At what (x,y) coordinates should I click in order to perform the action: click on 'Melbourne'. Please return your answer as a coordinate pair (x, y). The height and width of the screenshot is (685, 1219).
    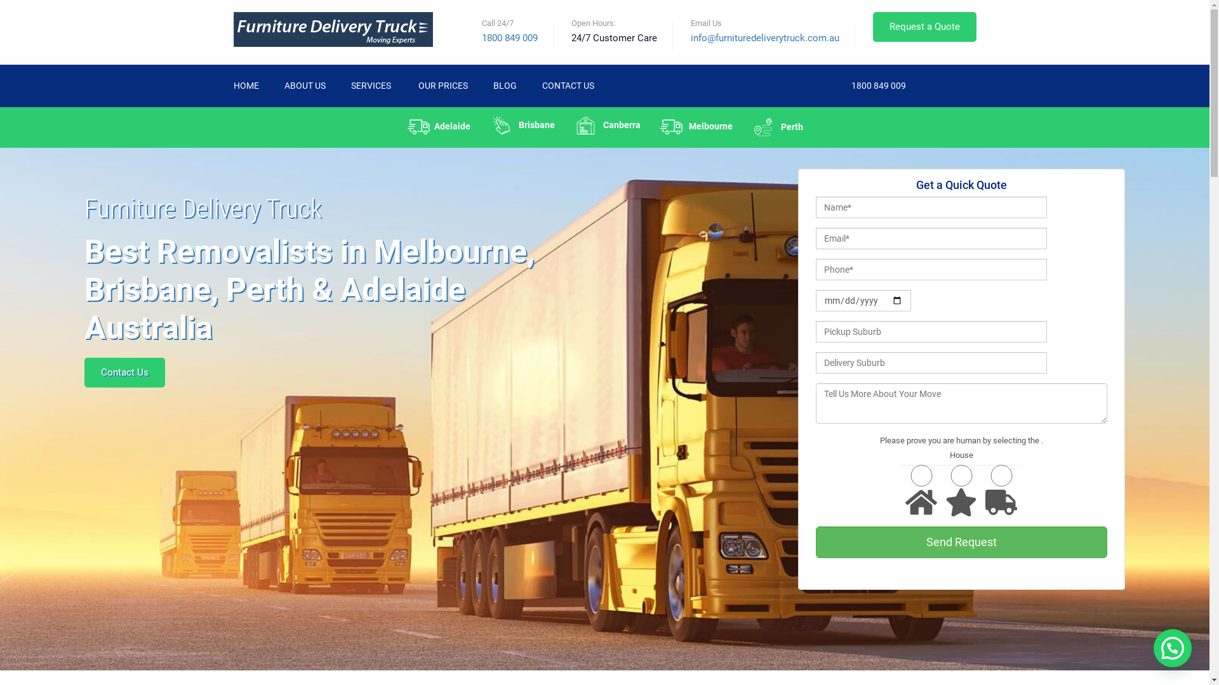
    Looking at the image, I should click on (695, 126).